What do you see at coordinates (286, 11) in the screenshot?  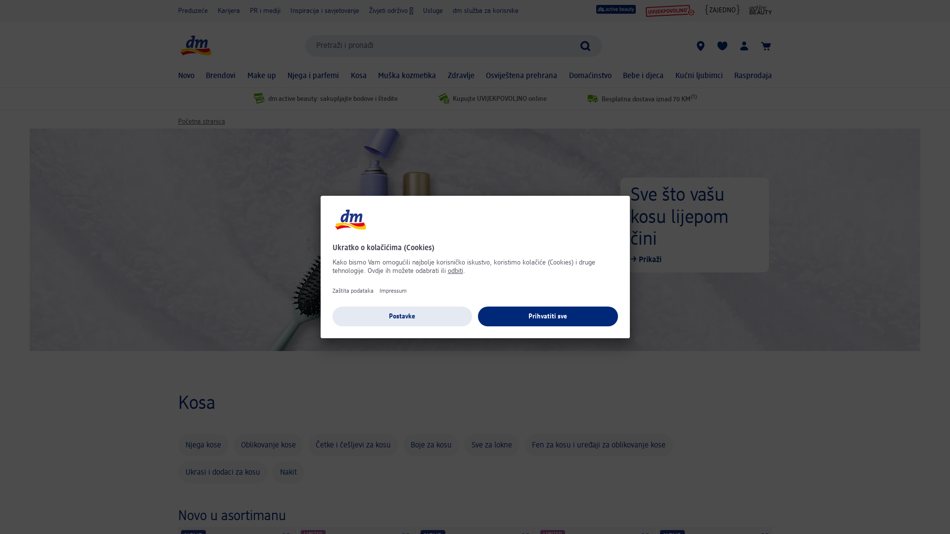 I see `'Inspiracija i savjetovanje'` at bounding box center [286, 11].